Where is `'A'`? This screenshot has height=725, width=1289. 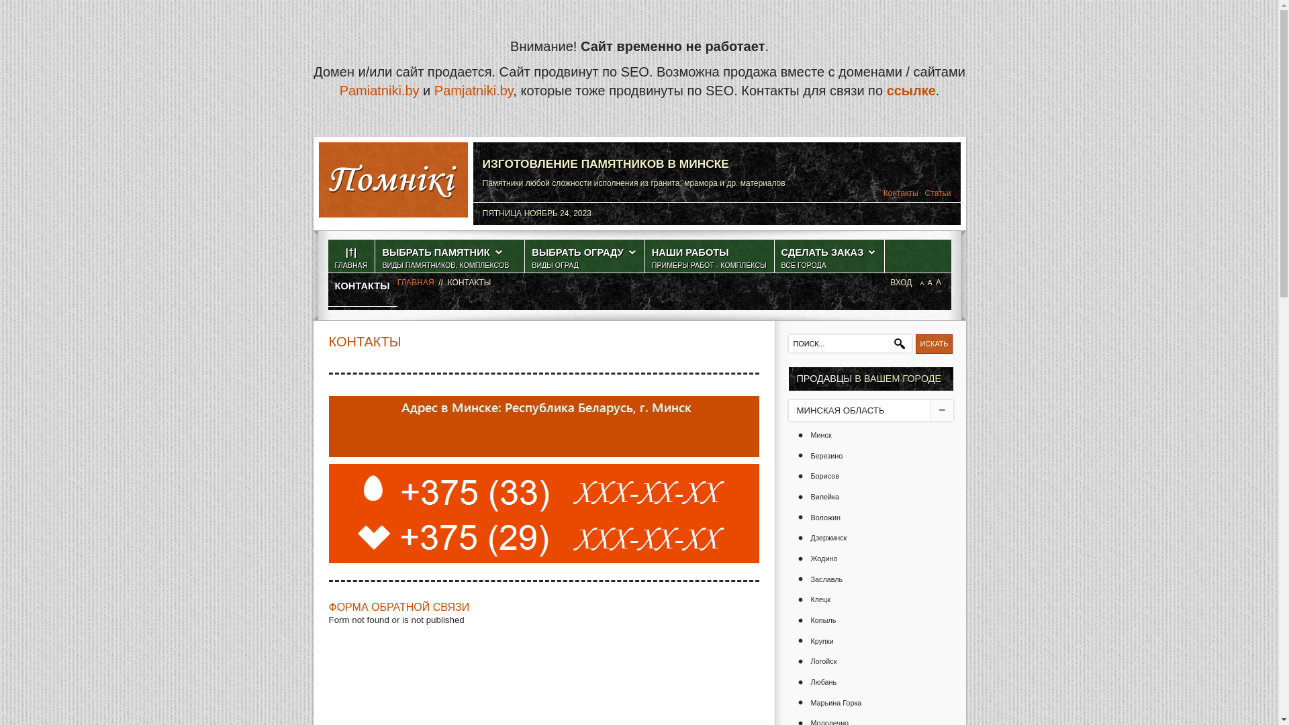 'A' is located at coordinates (938, 281).